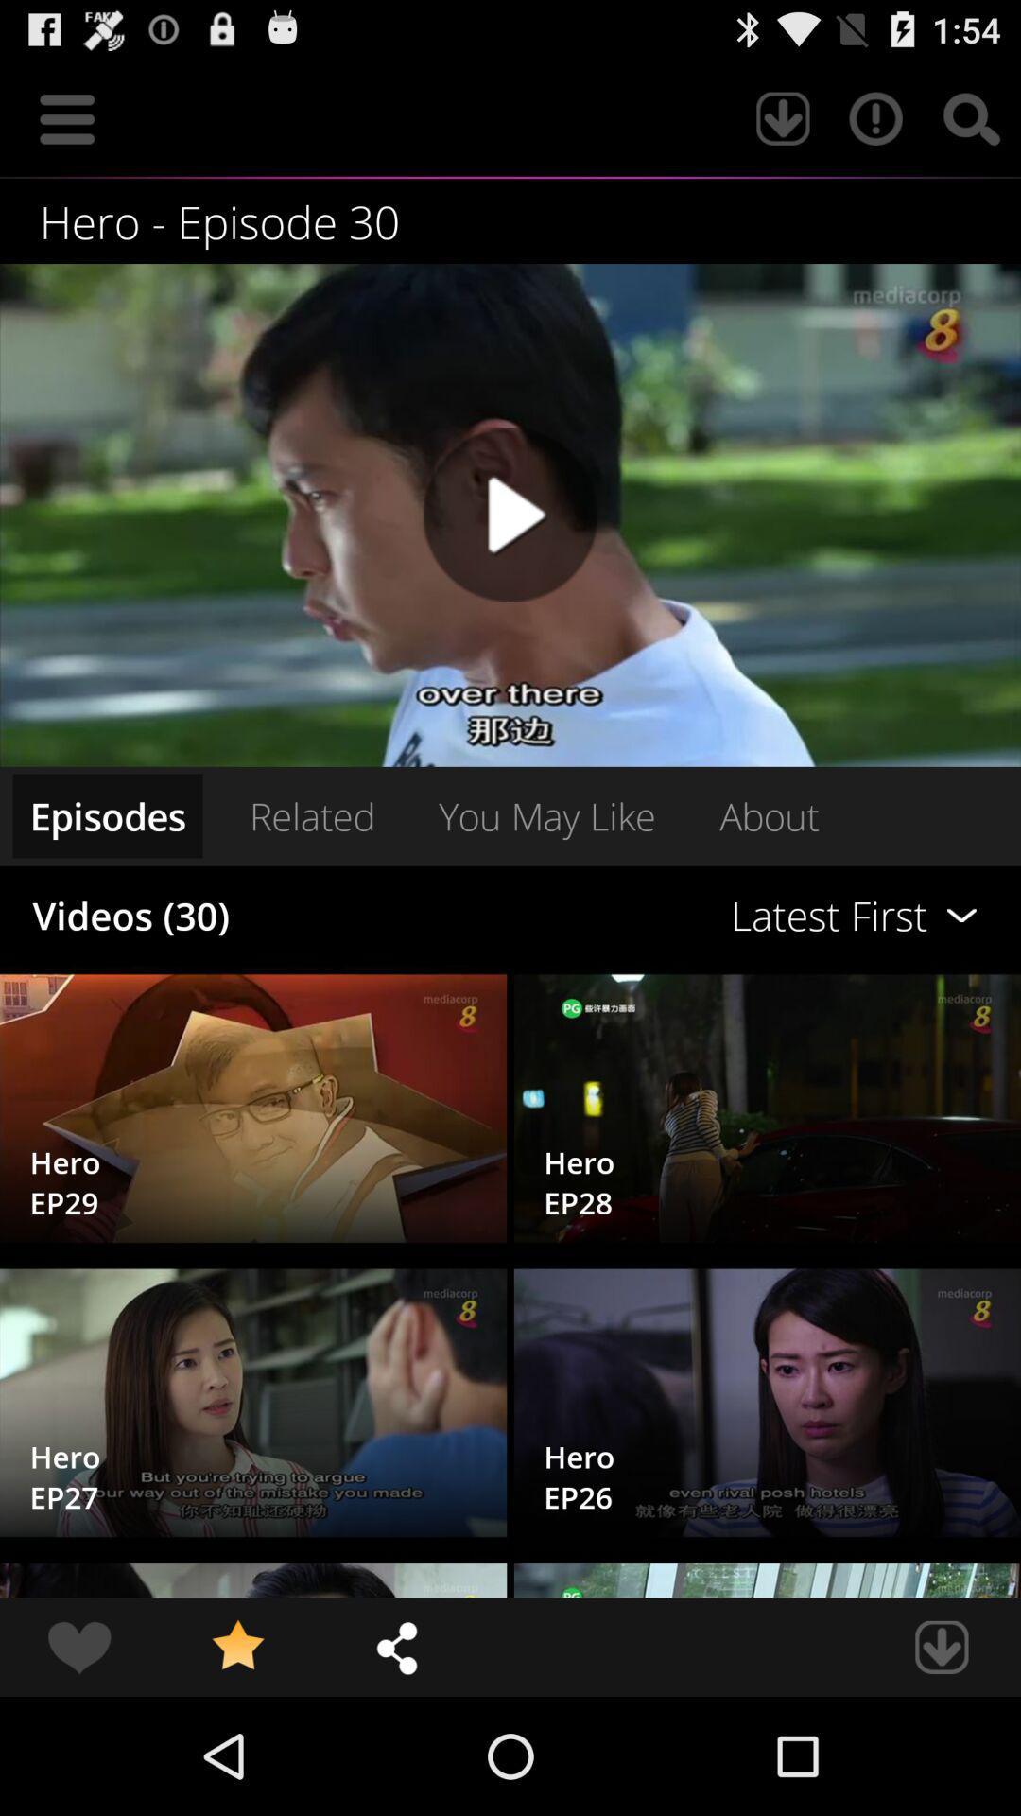 This screenshot has height=1816, width=1021. Describe the element at coordinates (546, 815) in the screenshot. I see `the you may like` at that location.